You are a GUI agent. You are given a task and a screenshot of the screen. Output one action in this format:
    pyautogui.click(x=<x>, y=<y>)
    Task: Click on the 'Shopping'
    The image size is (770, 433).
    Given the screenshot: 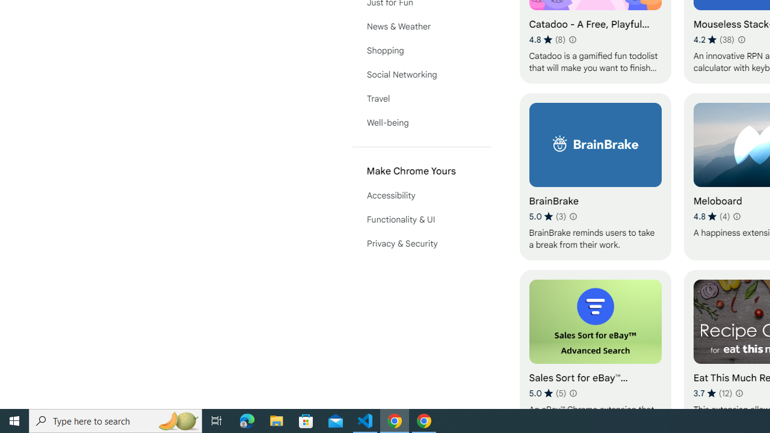 What is the action you would take?
    pyautogui.click(x=421, y=49)
    